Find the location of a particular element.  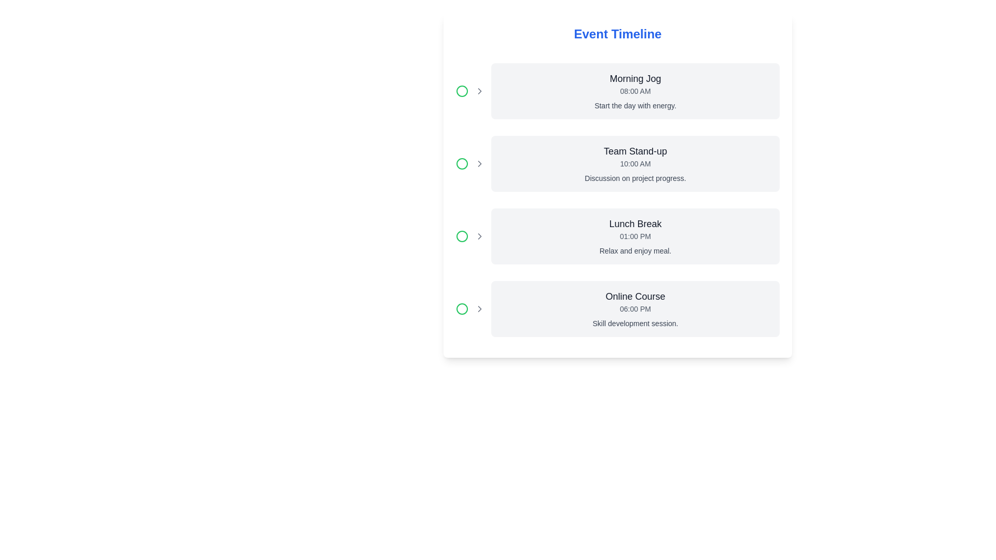

the text block titled 'Online Course', which is the fourth item in the timeline list, featuring a light gray background and containing the time '06:00 PM' and description 'Skill development session.' is located at coordinates (634, 309).